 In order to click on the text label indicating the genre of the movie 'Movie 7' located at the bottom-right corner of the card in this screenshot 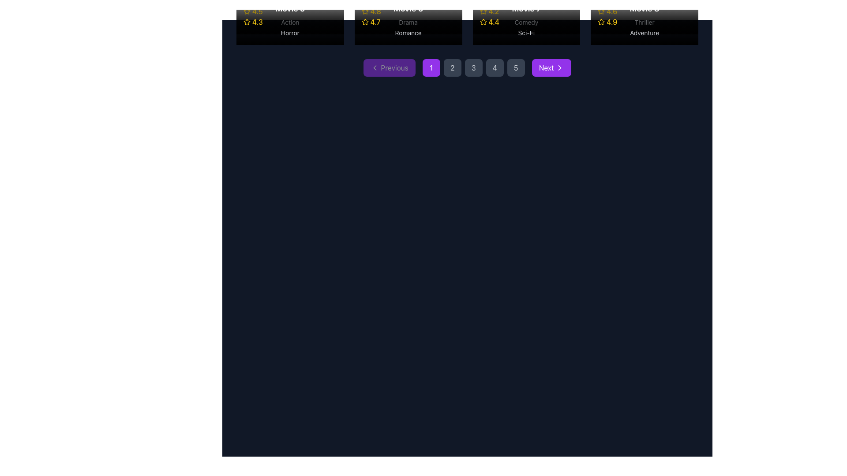, I will do `click(526, 32)`.